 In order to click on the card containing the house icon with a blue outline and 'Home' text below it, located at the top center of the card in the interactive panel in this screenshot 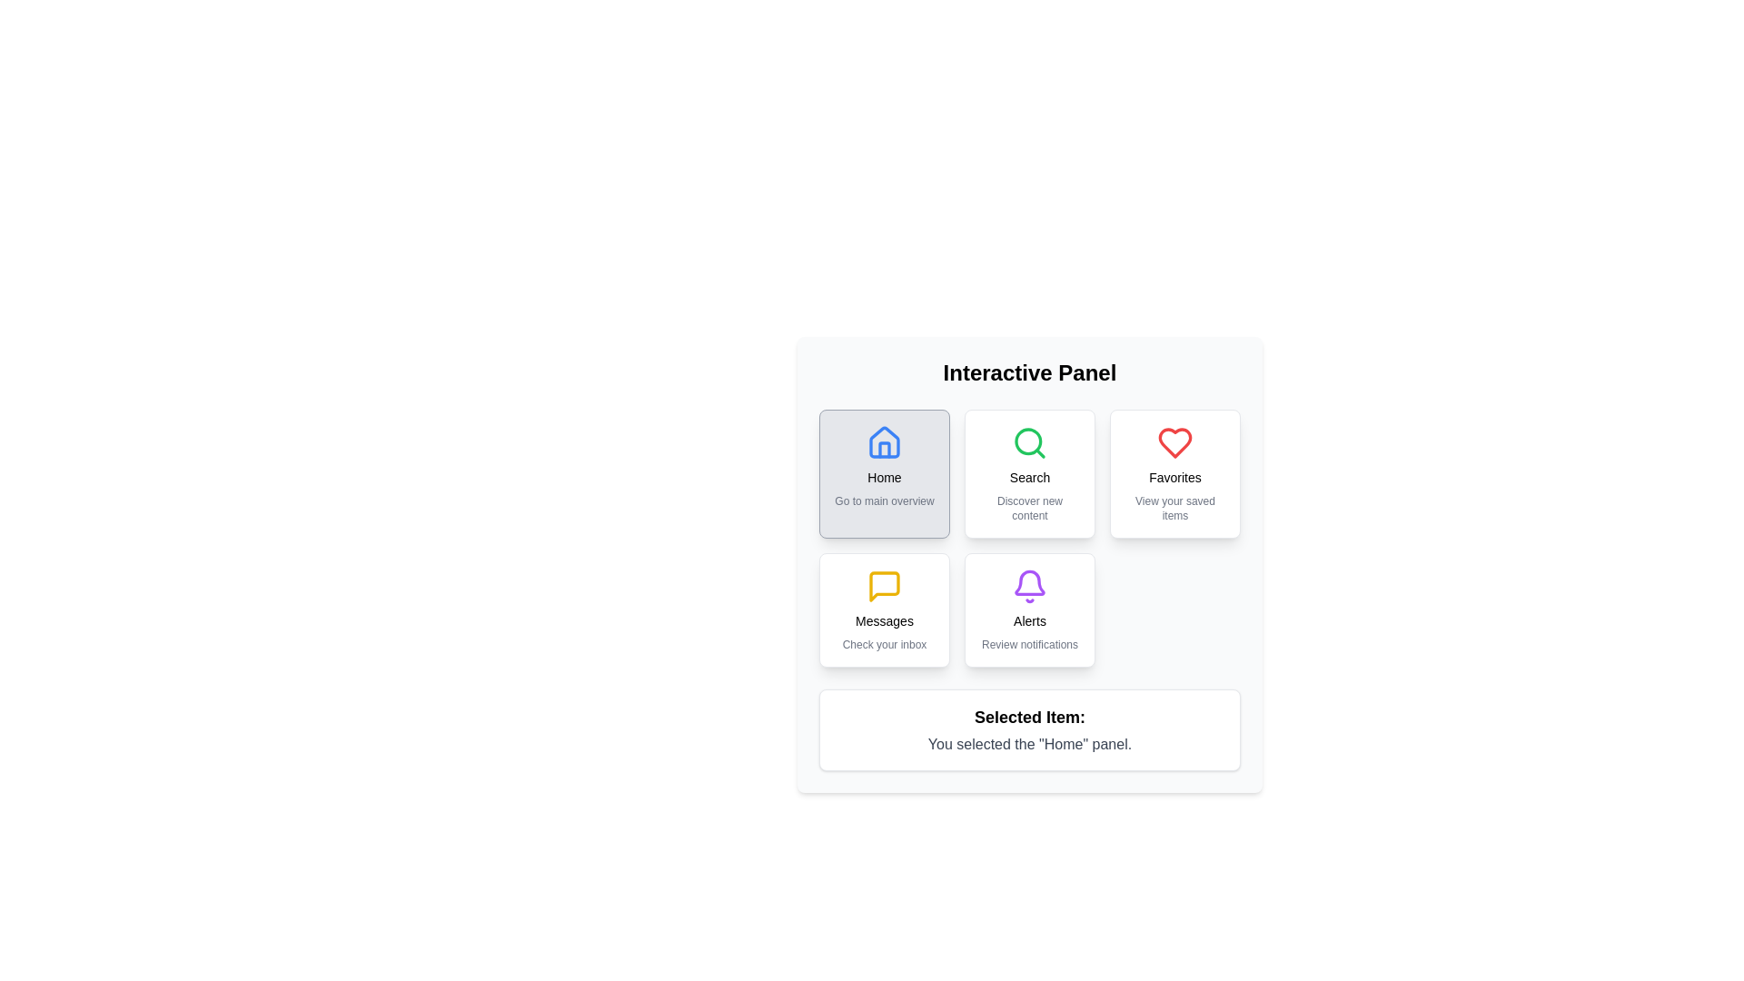, I will do `click(885, 443)`.